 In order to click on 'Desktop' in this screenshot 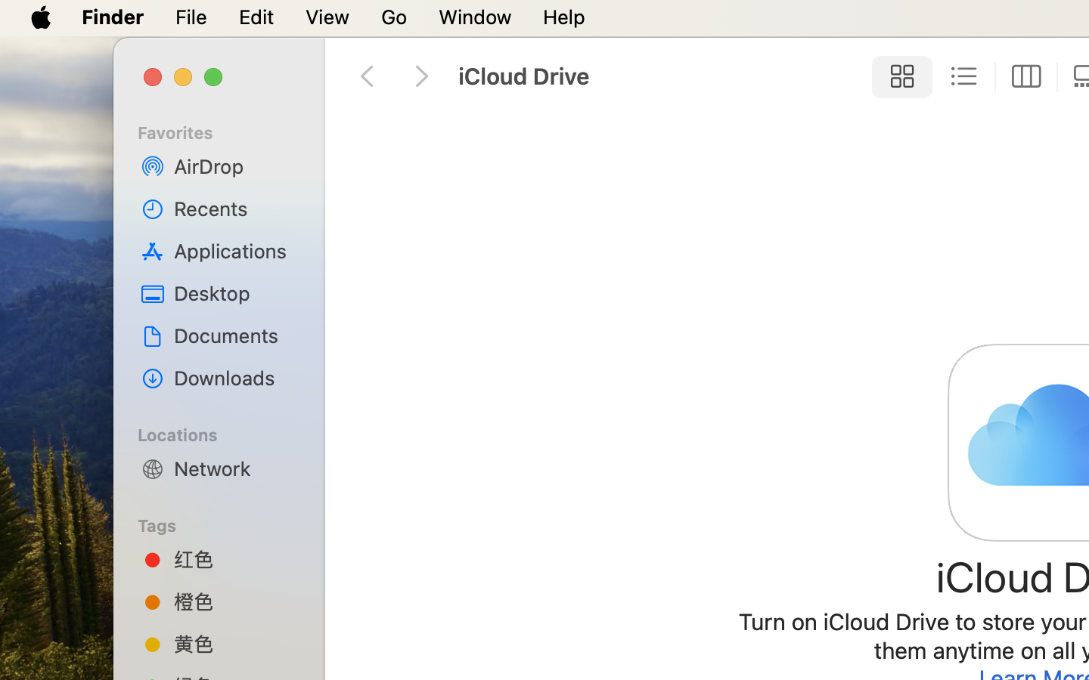, I will do `click(235, 292)`.